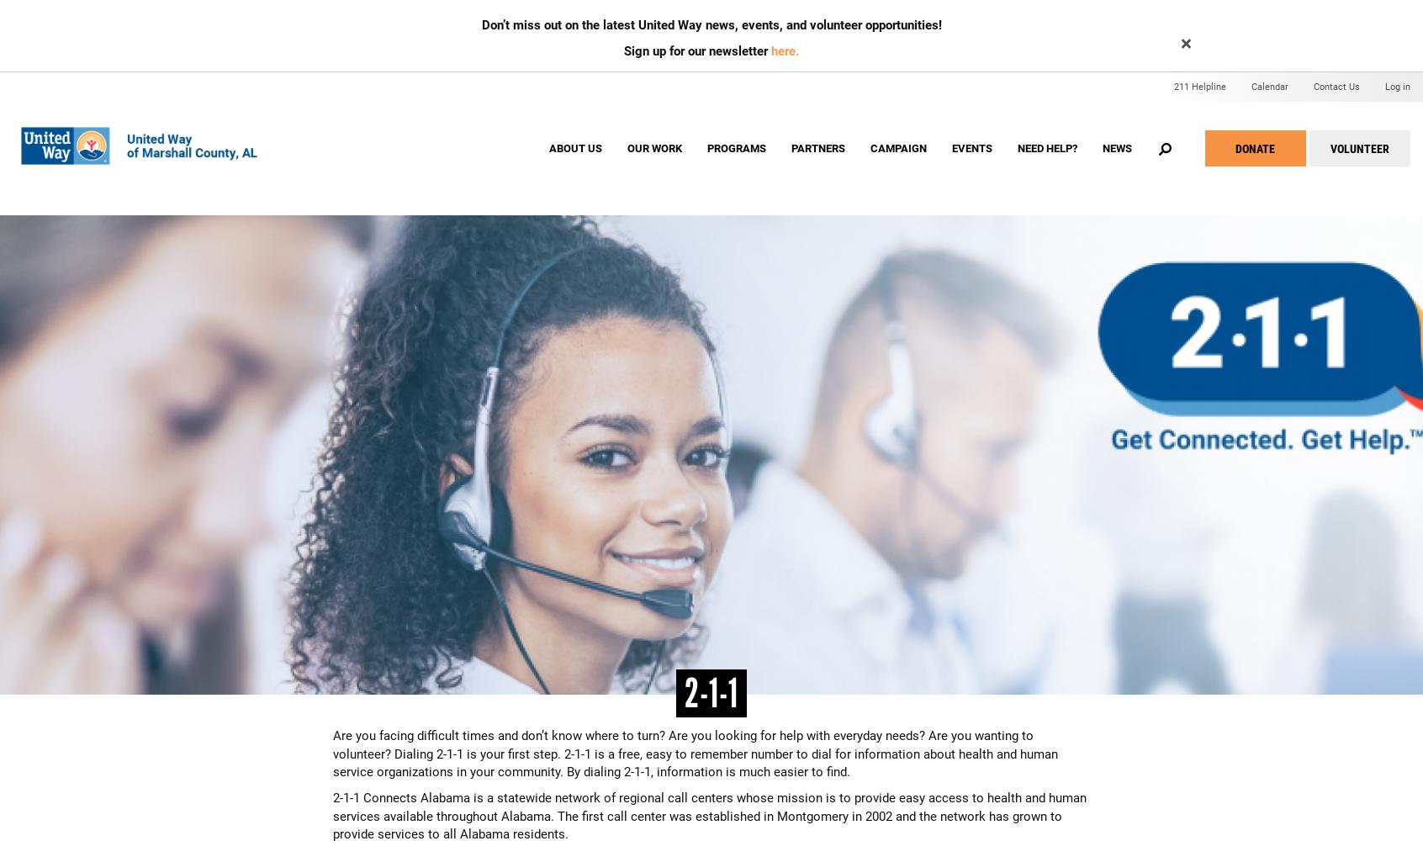 The height and width of the screenshot is (841, 1423). Describe the element at coordinates (1234, 148) in the screenshot. I see `'Donate'` at that location.